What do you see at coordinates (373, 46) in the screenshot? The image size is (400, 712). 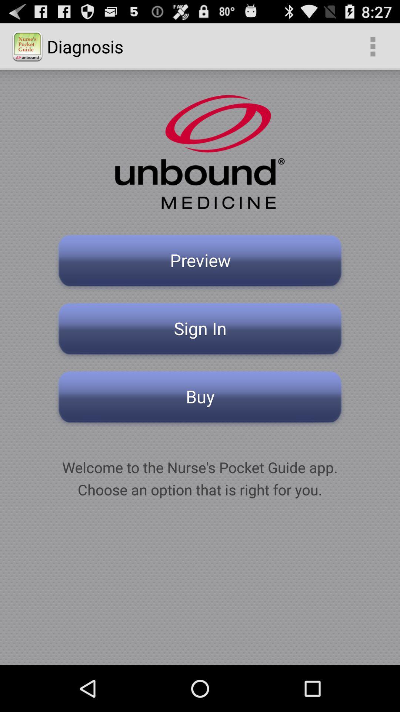 I see `icon at the top right corner` at bounding box center [373, 46].